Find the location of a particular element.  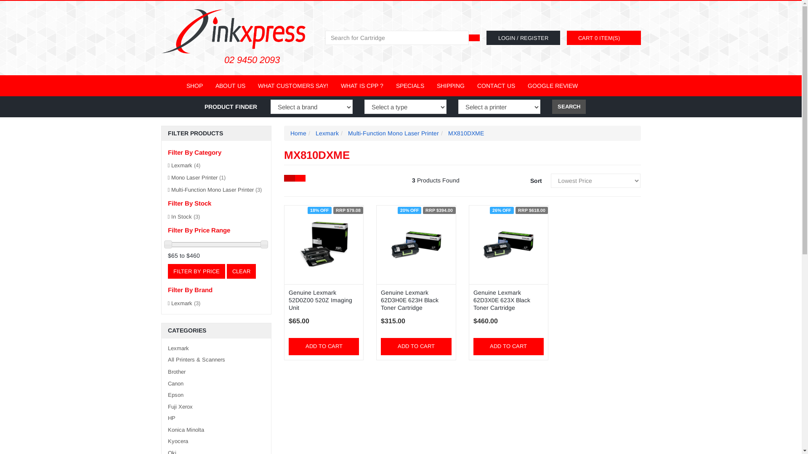

'Lexmark (3)' is located at coordinates (216, 304).